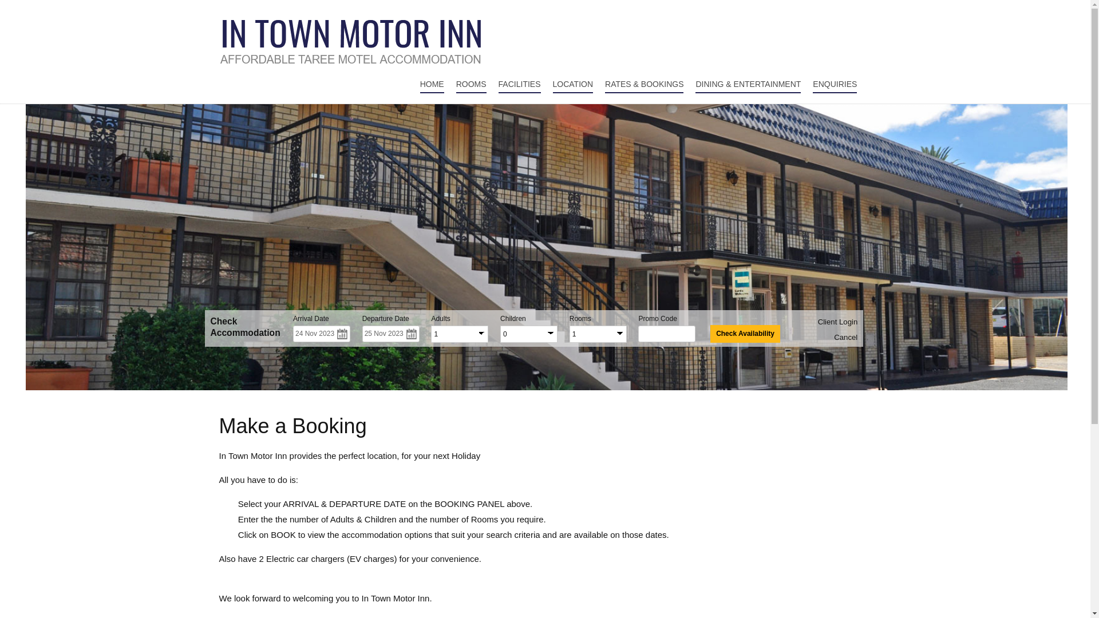 The height and width of the screenshot is (618, 1099). I want to click on 'RATES & BOOKINGS', so click(644, 84).